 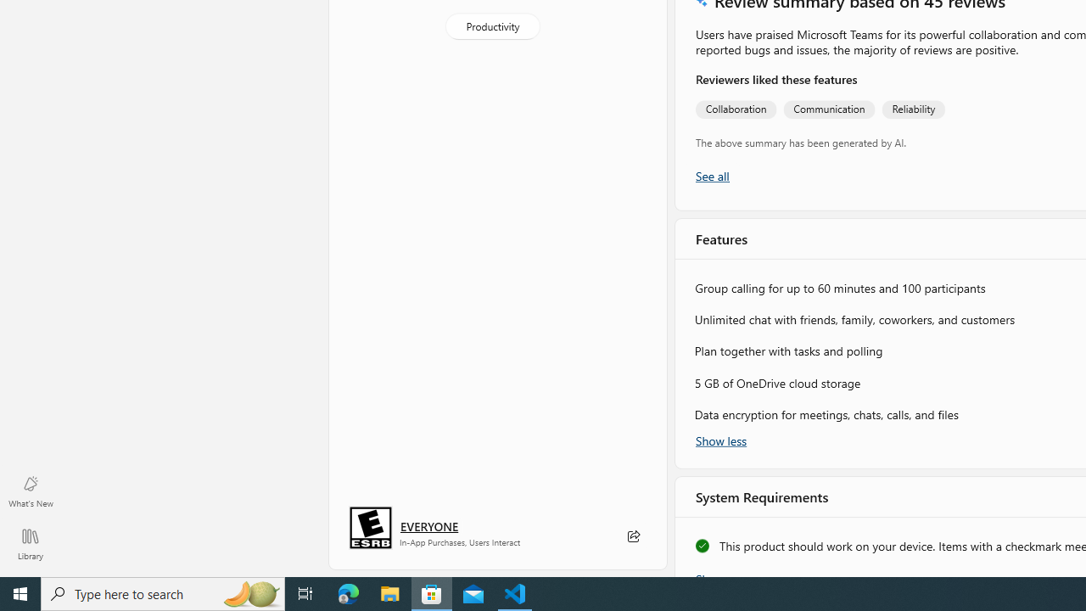 I want to click on 'Library', so click(x=30, y=543).